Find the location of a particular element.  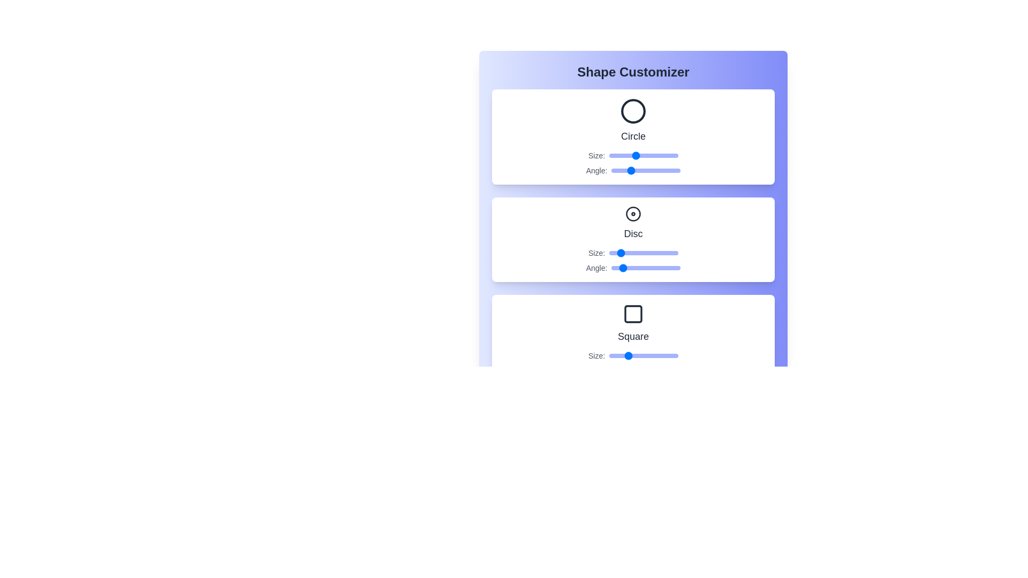

the Circle size slider to 73 is located at coordinates (654, 155).